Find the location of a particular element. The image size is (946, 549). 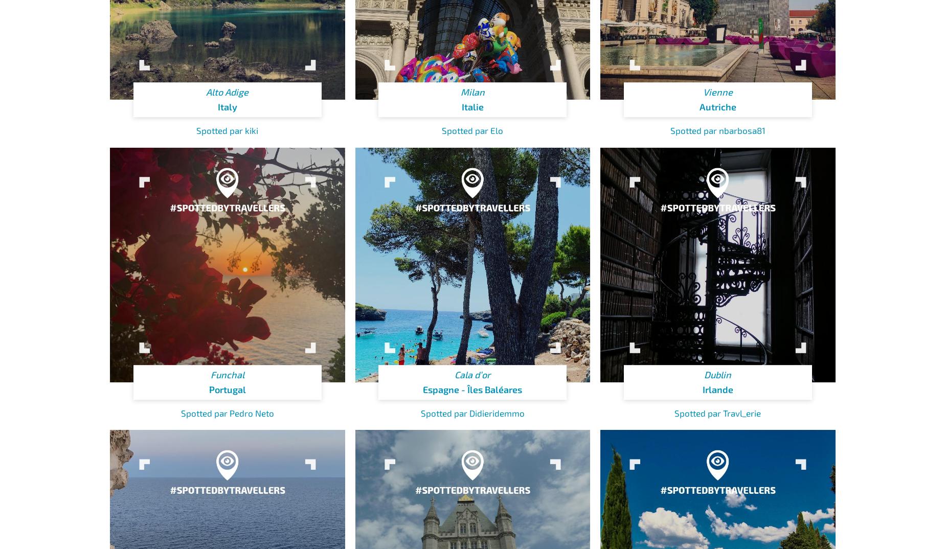

'Cala d’or' is located at coordinates (472, 375).